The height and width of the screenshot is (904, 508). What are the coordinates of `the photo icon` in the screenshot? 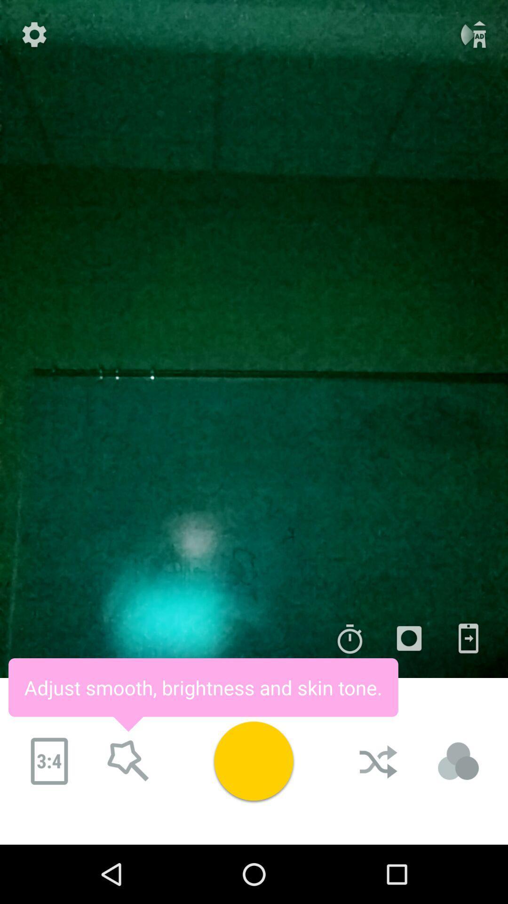 It's located at (409, 638).